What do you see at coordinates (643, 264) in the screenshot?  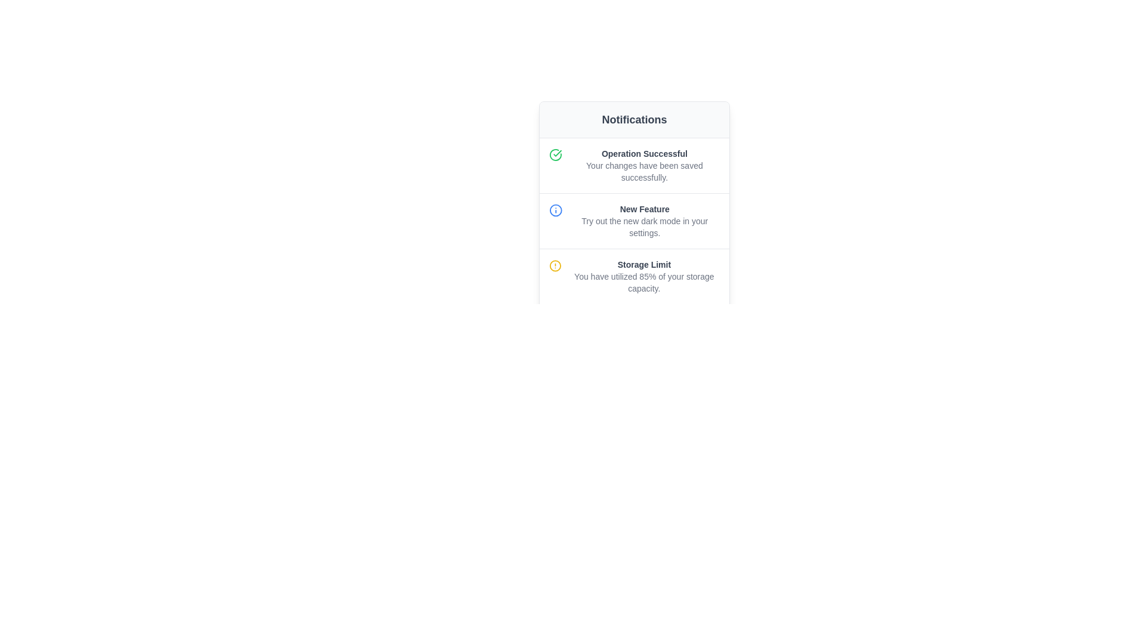 I see `the Text label that categorizes the notification message related to storage usage, specifically the 'Storage Limit' title in the third notification slot` at bounding box center [643, 264].